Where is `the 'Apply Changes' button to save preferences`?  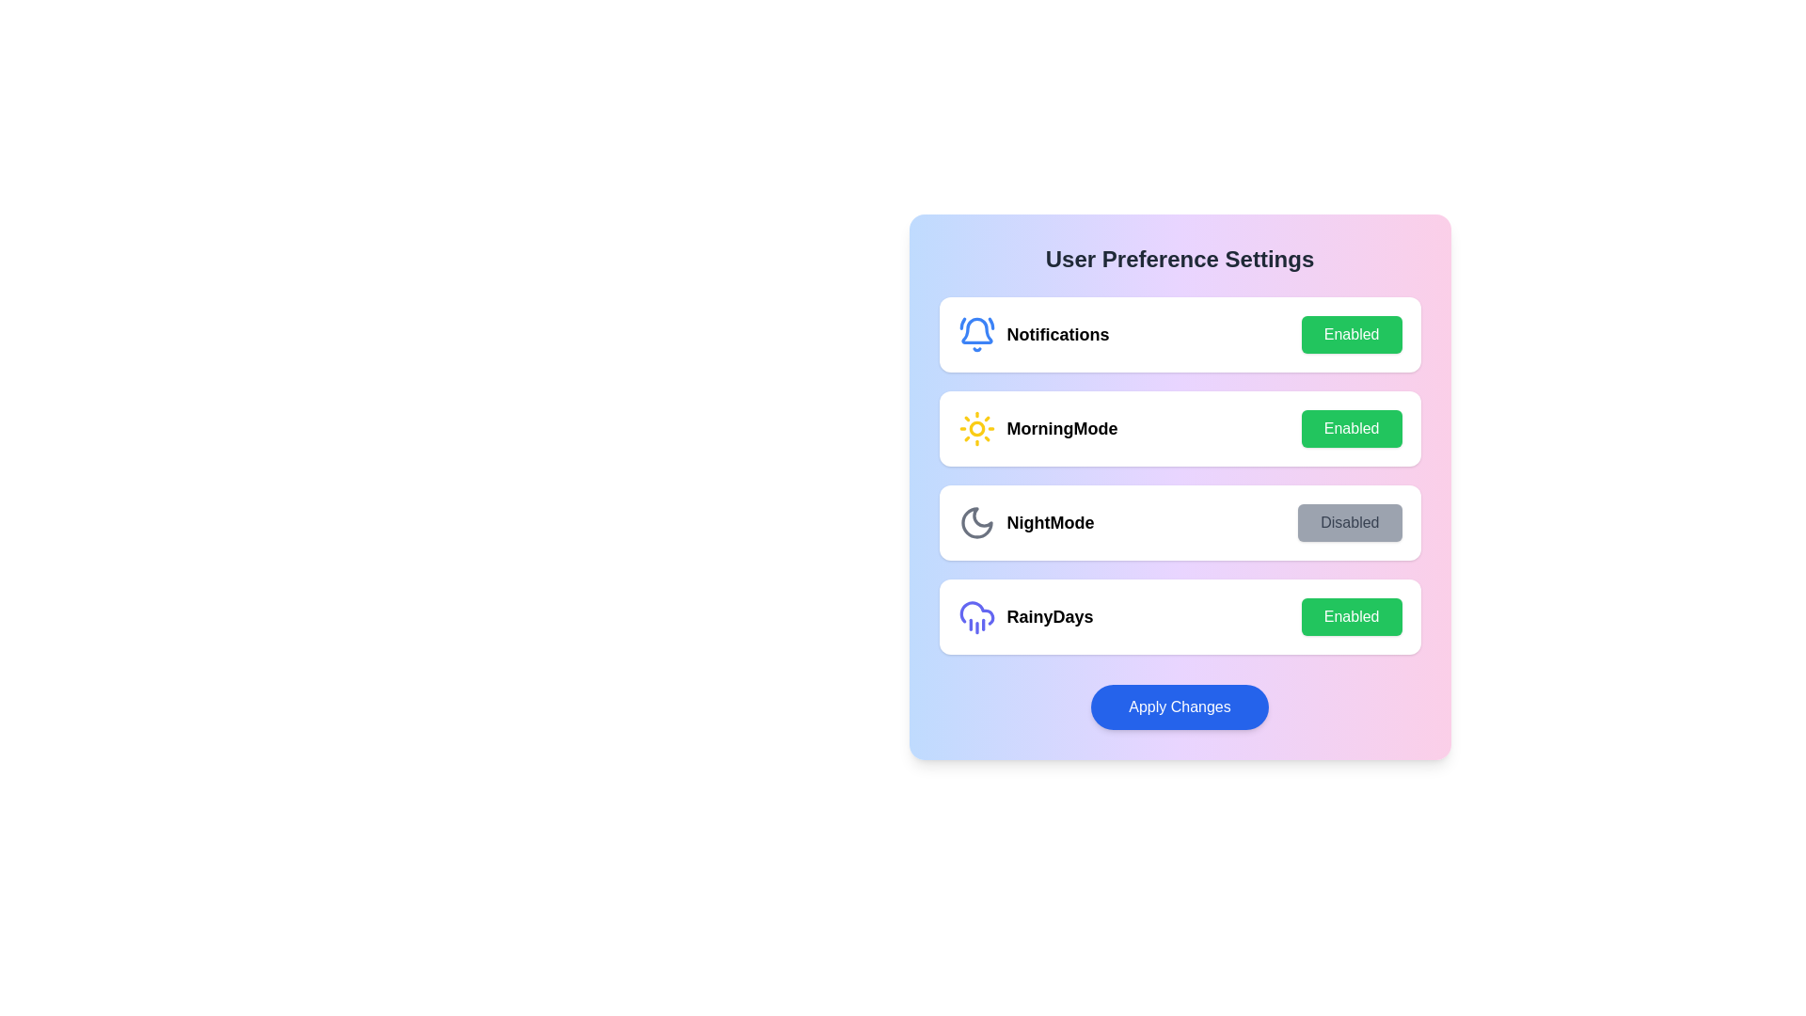 the 'Apply Changes' button to save preferences is located at coordinates (1179, 707).